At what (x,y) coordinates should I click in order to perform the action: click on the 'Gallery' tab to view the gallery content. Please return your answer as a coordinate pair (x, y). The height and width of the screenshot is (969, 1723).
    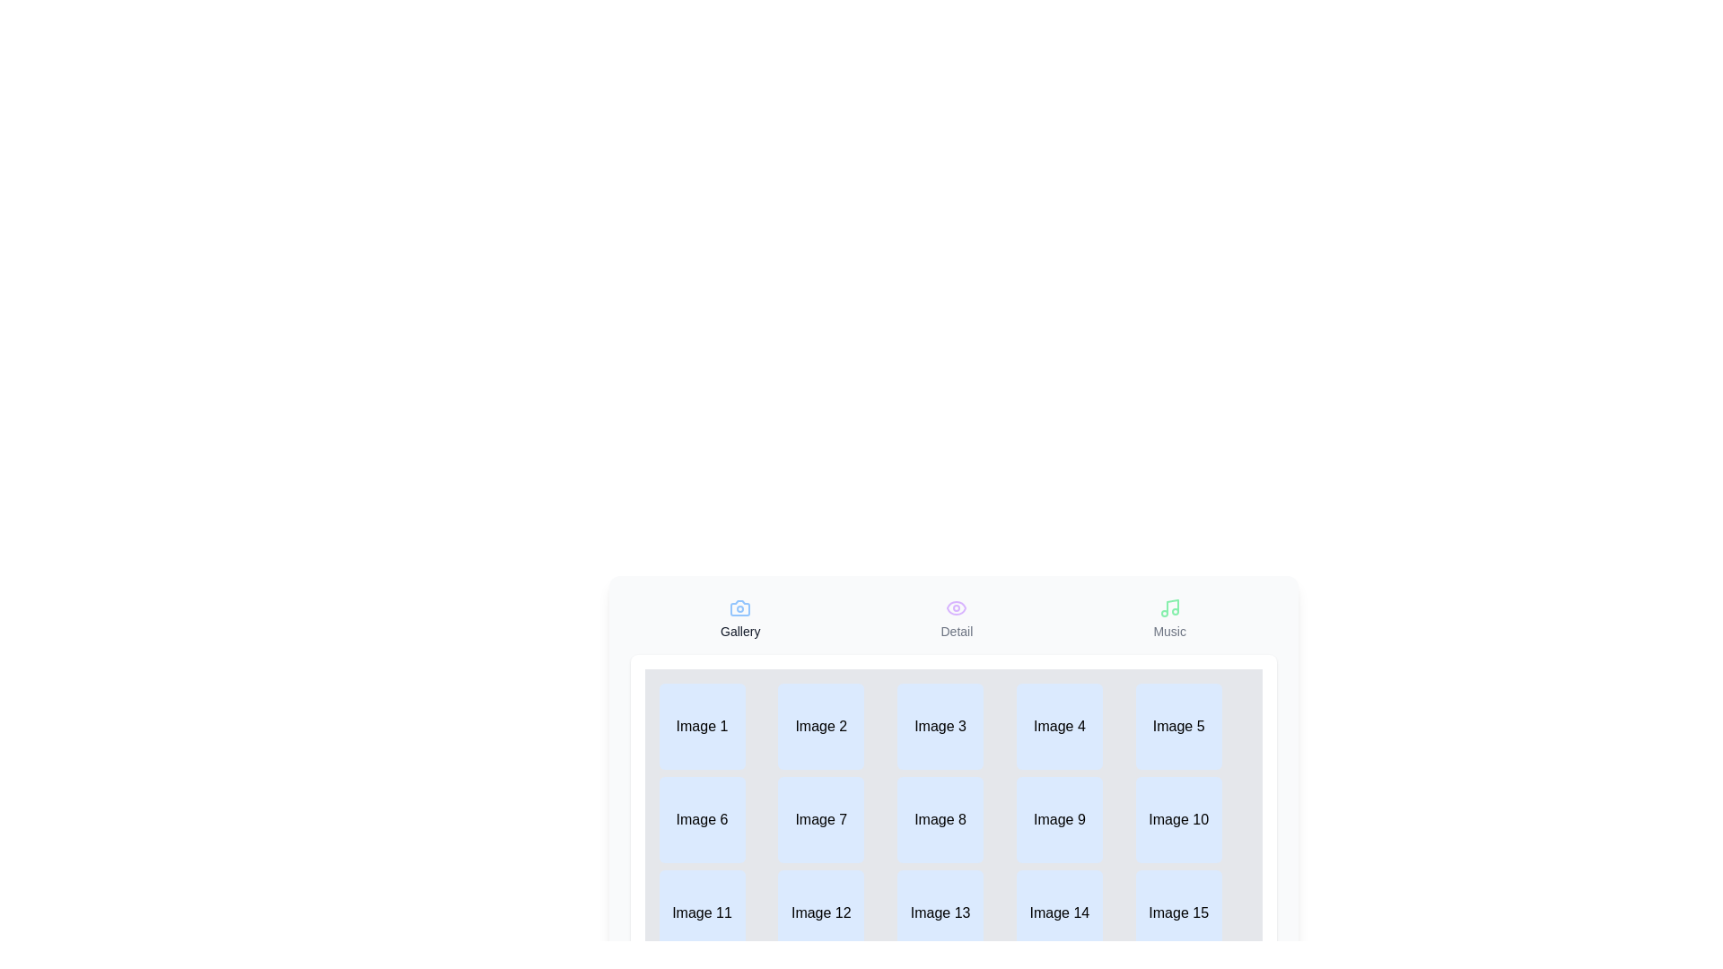
    Looking at the image, I should click on (740, 618).